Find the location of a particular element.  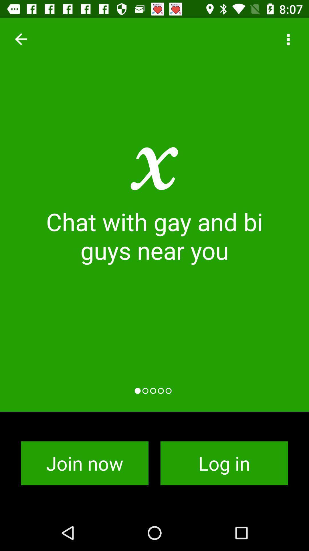

the icon above chat with gay is located at coordinates (21, 39).